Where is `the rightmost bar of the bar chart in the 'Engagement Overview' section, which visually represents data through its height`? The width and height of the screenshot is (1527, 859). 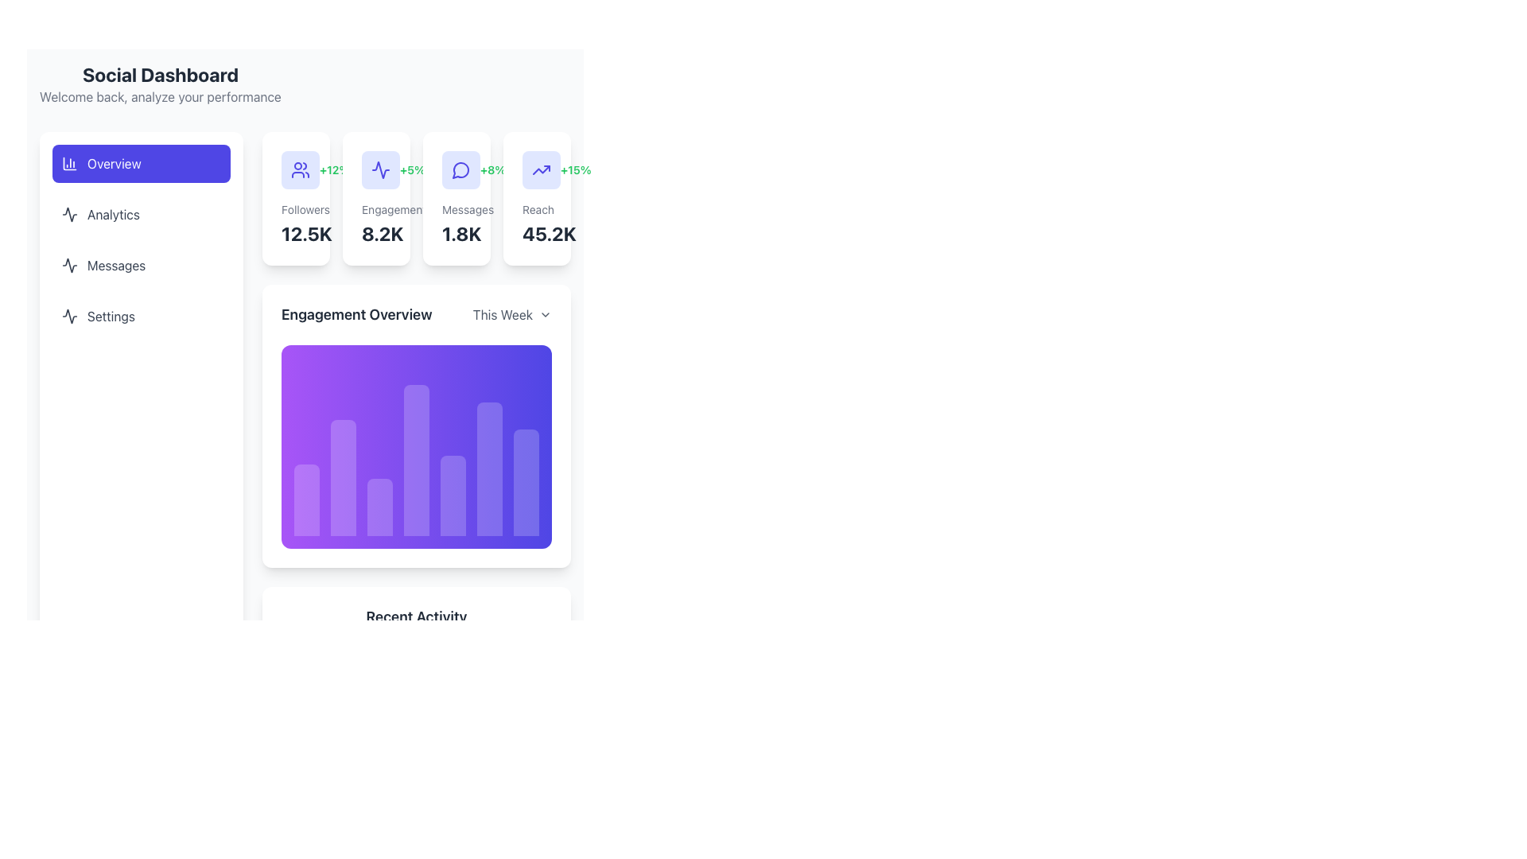
the rightmost bar of the bar chart in the 'Engagement Overview' section, which visually represents data through its height is located at coordinates (526, 480).